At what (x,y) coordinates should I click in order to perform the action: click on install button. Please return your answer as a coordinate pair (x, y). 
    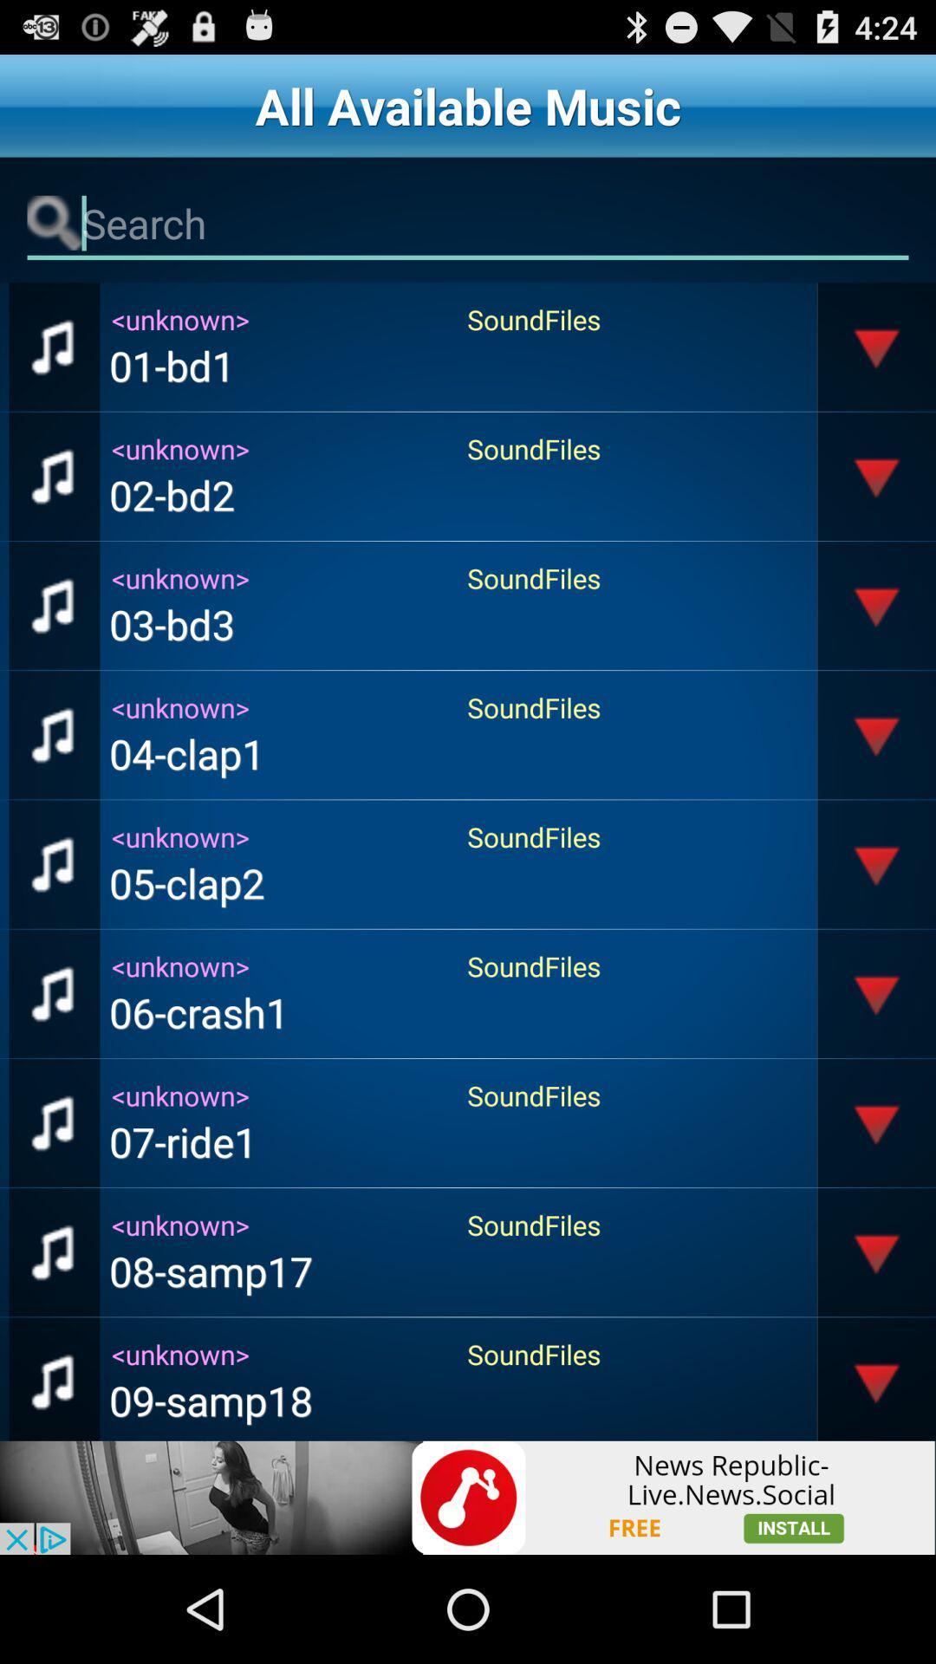
    Looking at the image, I should click on (468, 1497).